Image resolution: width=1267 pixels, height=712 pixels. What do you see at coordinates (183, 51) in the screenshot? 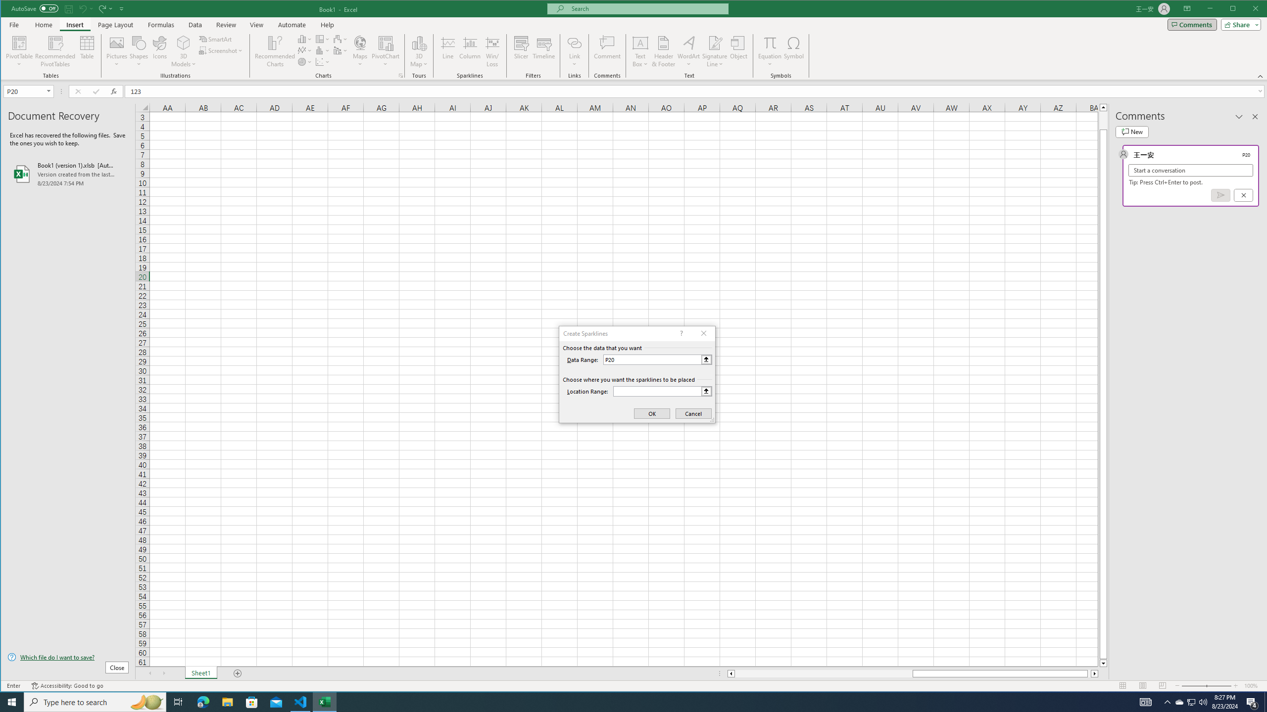
I see `'3D Models'` at bounding box center [183, 51].